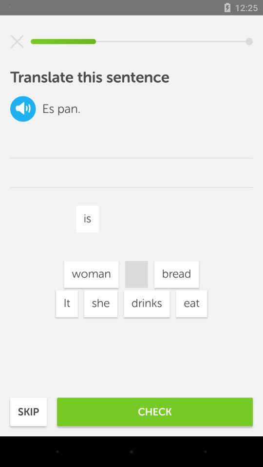 This screenshot has height=467, width=263. What do you see at coordinates (28, 411) in the screenshot?
I see `the skip icon` at bounding box center [28, 411].